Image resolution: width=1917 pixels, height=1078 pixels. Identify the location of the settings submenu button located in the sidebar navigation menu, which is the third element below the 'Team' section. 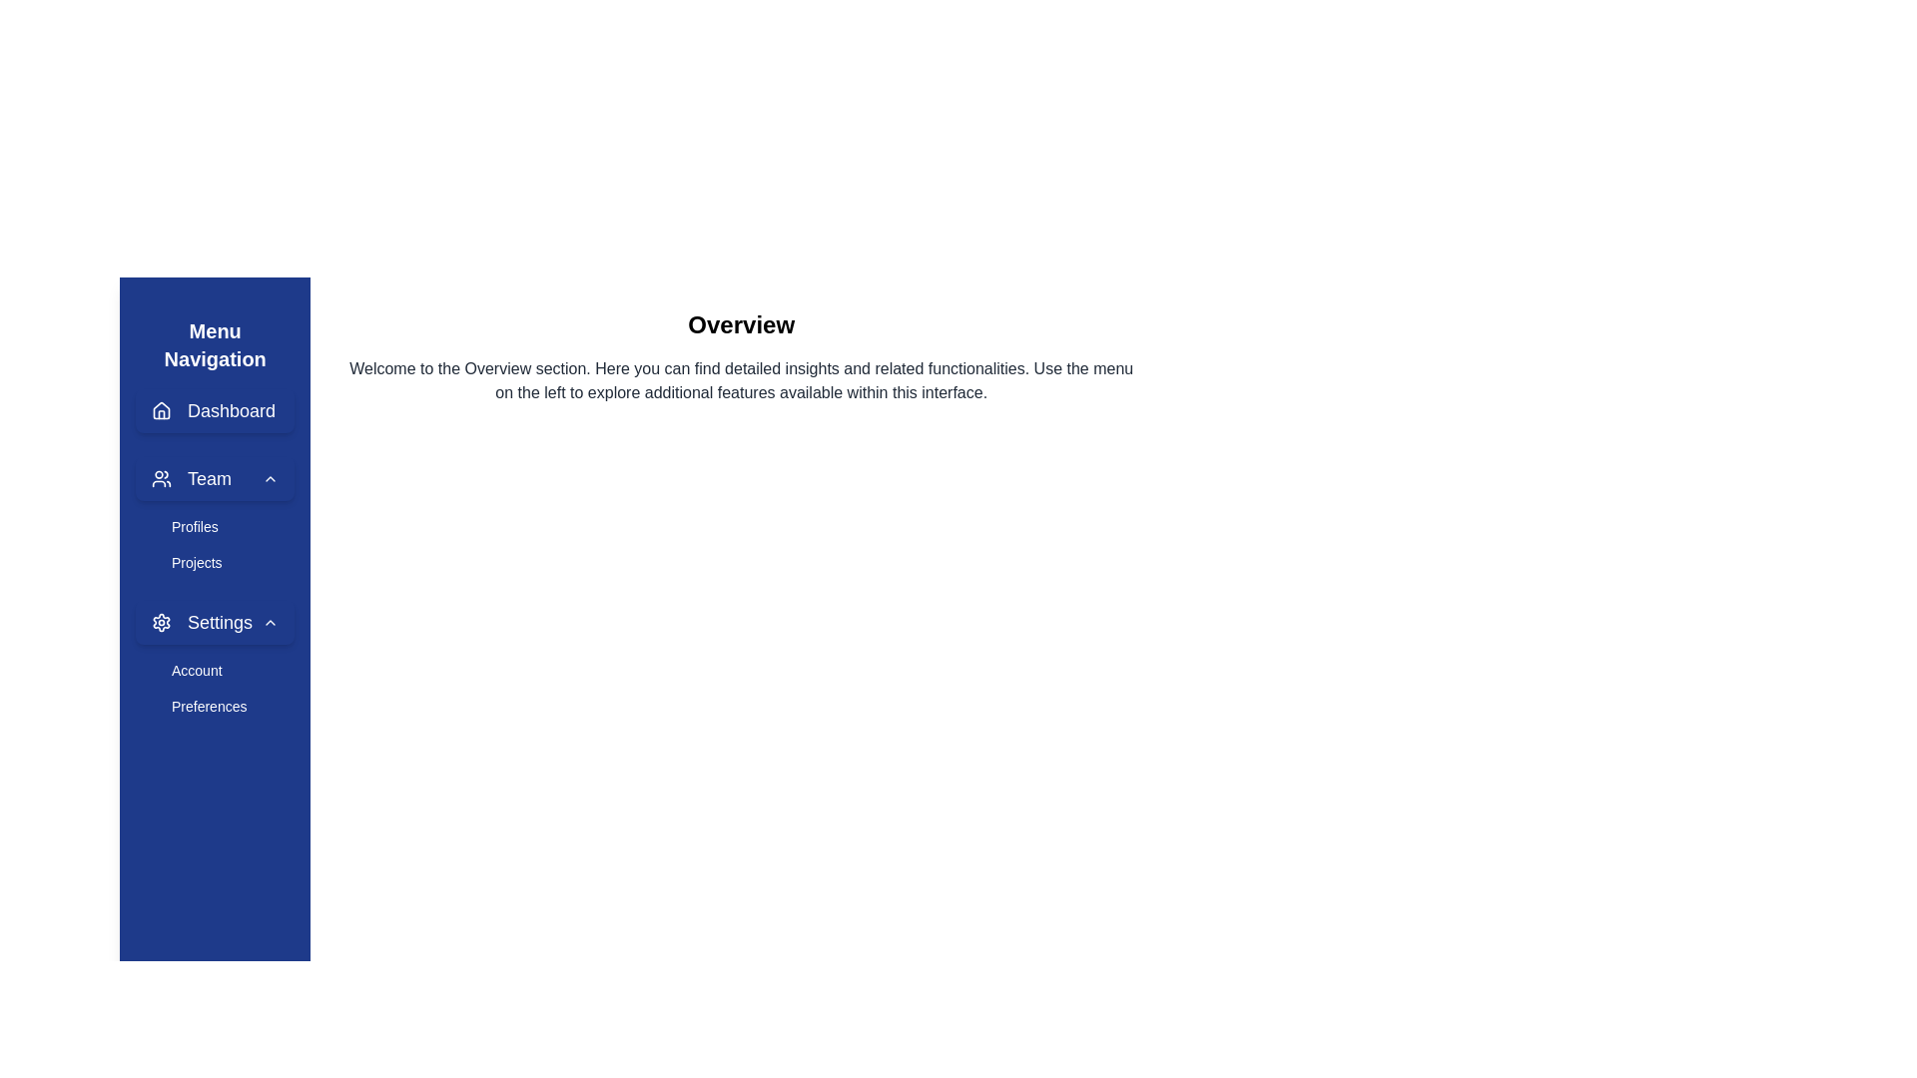
(215, 622).